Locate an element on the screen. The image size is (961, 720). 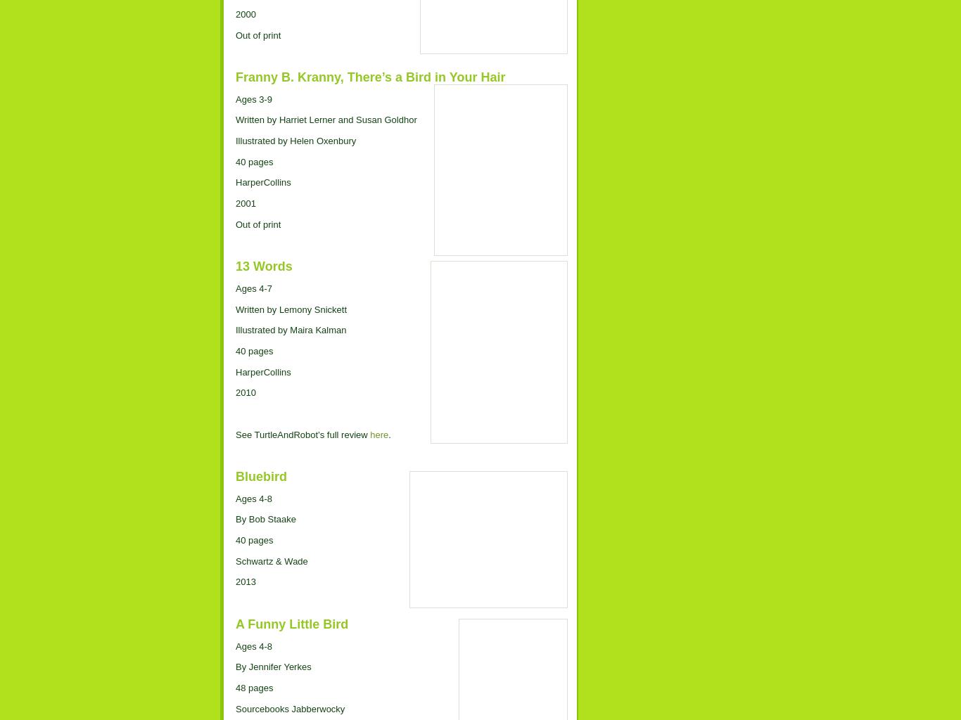
'Bluebird' is located at coordinates (235, 475).